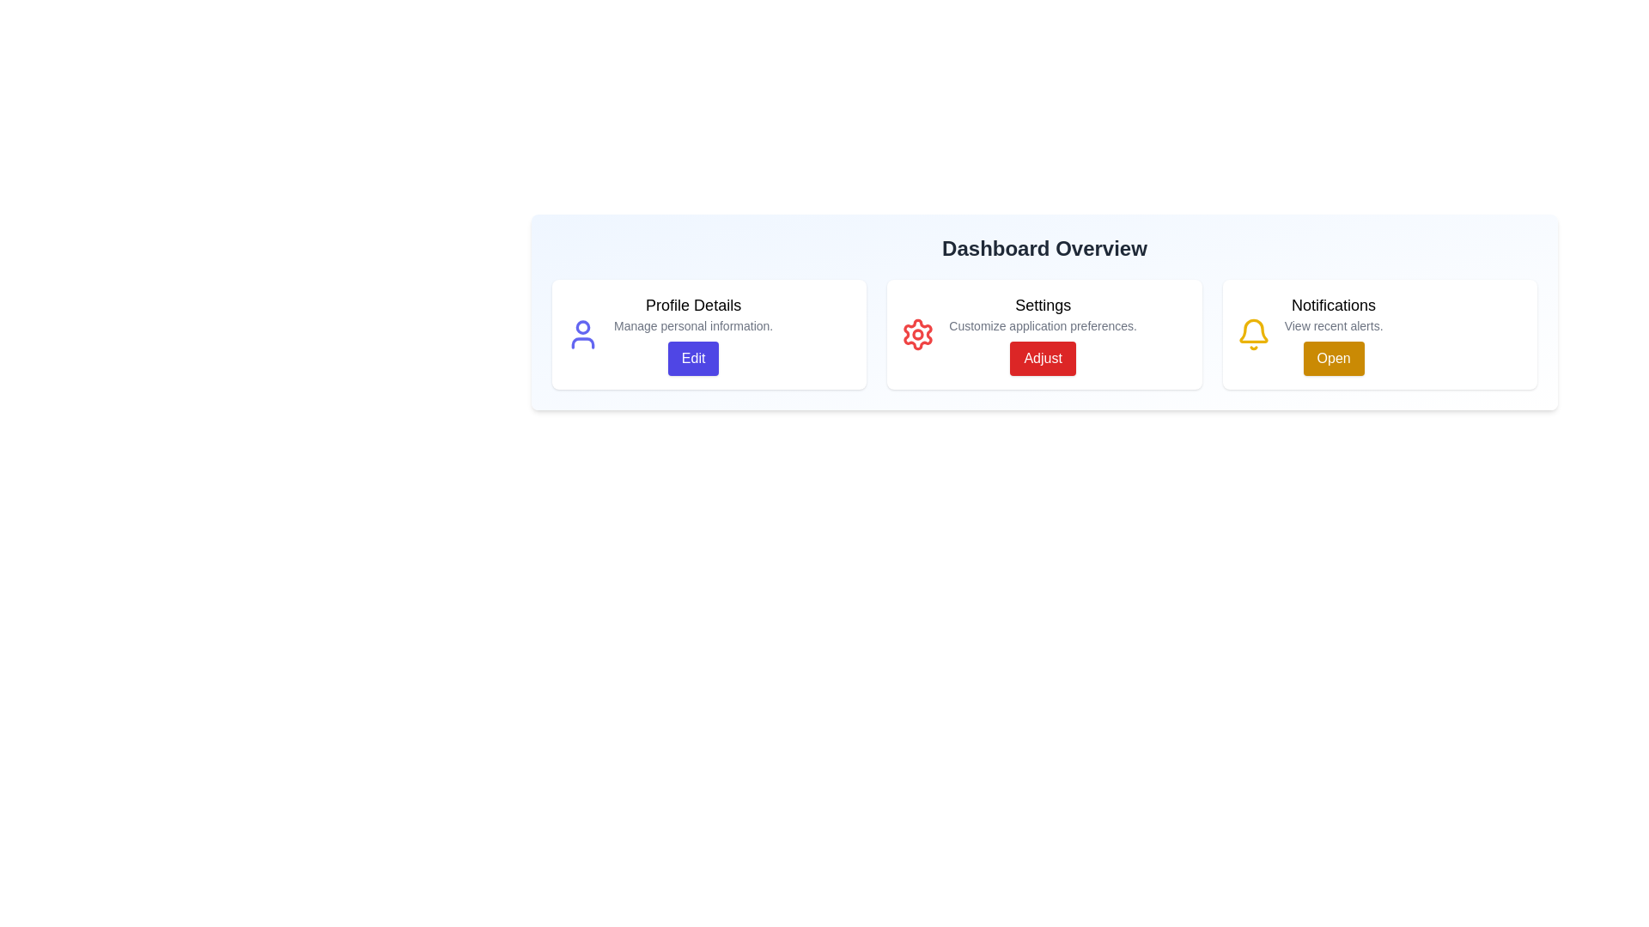 The width and height of the screenshot is (1649, 927). Describe the element at coordinates (1333, 304) in the screenshot. I see `the heading text element that serves as the title for the notification card, positioned at the topmost part of the card` at that location.